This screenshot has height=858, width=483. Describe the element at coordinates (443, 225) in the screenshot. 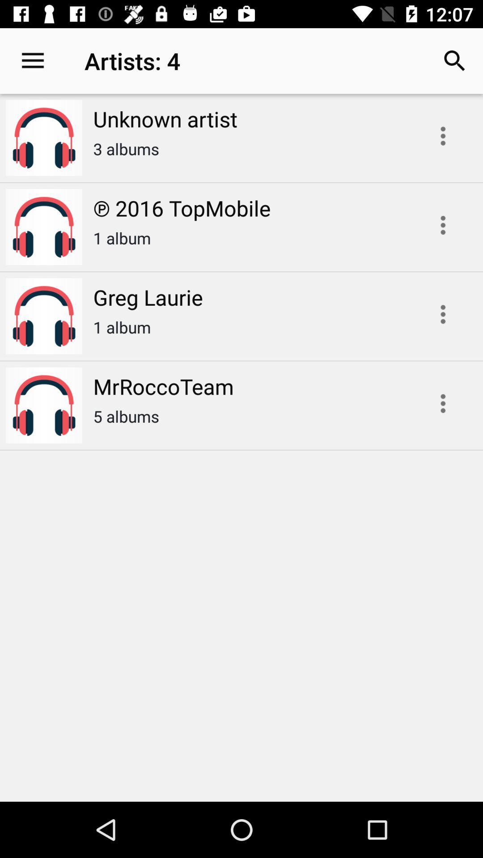

I see `check playlist` at that location.